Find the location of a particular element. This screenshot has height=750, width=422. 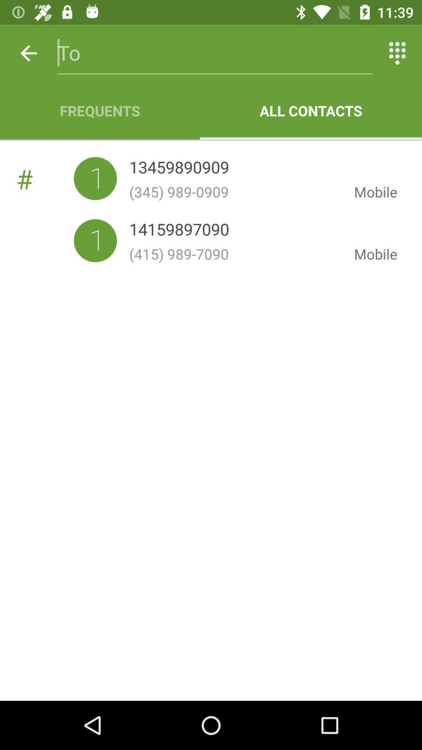

the app next to all contacts app is located at coordinates (99, 110).